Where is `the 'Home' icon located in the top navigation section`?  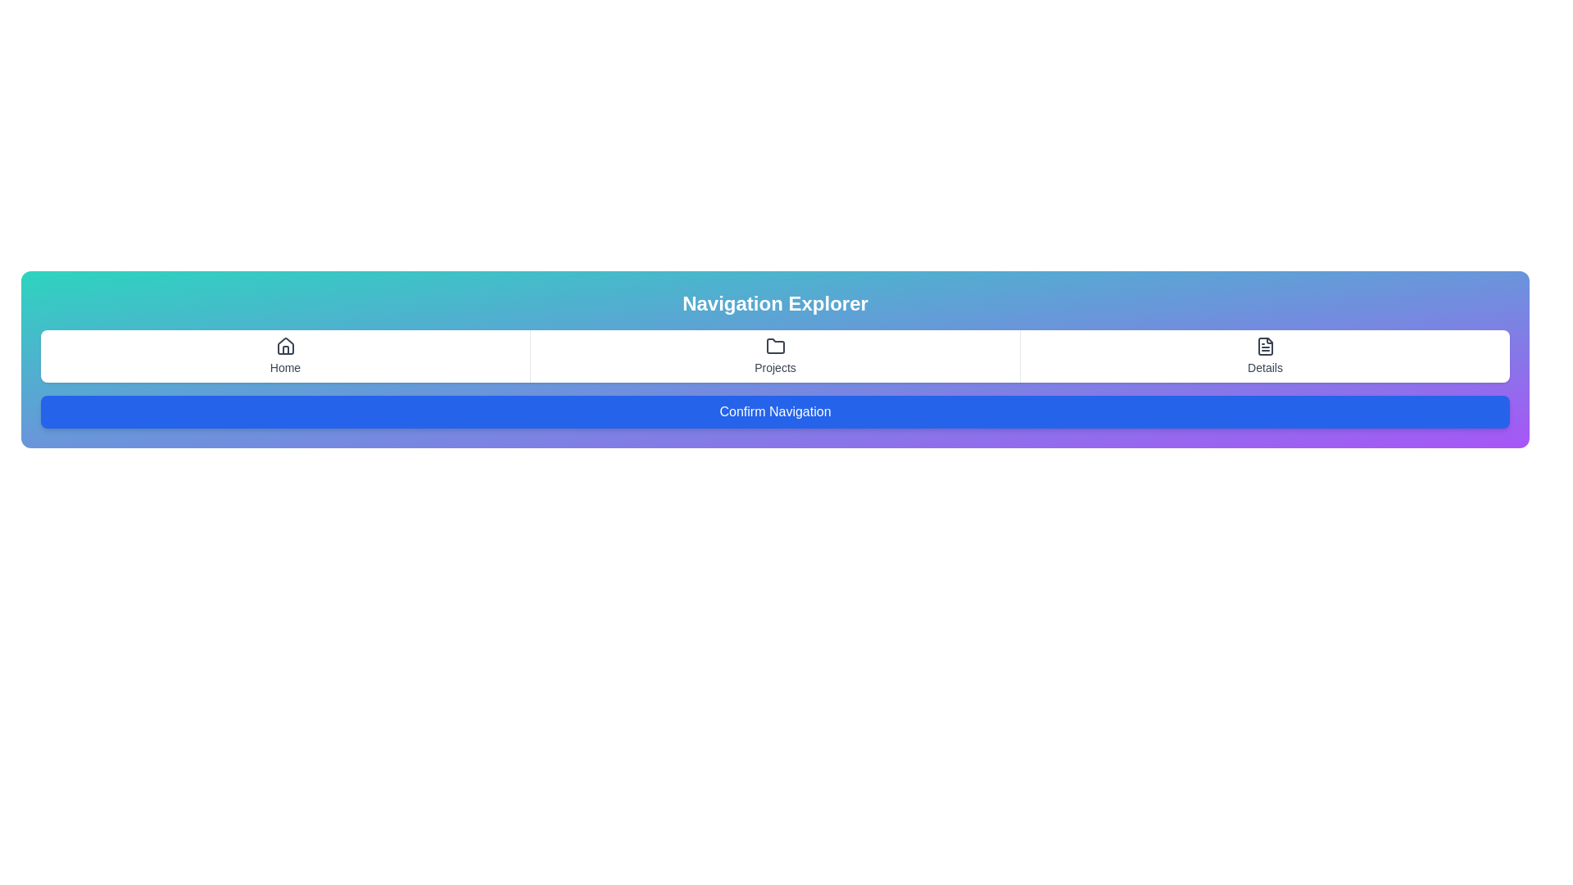 the 'Home' icon located in the top navigation section is located at coordinates (285, 345).